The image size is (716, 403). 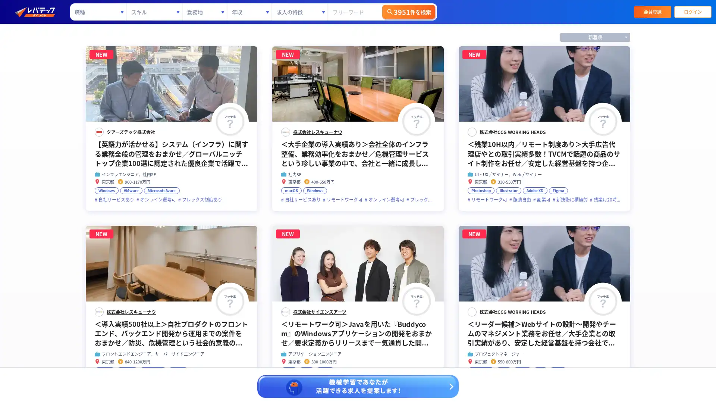 I want to click on 3951, so click(x=408, y=12).